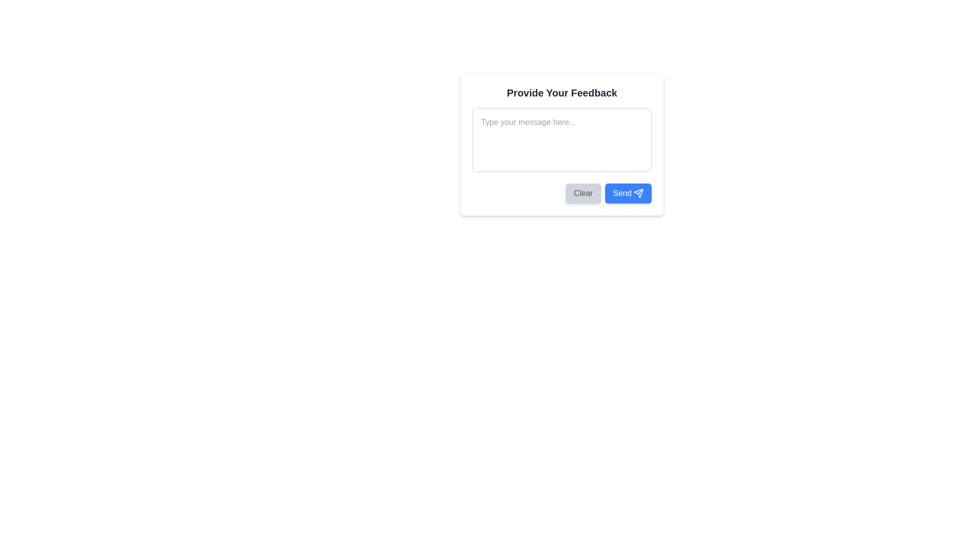 The width and height of the screenshot is (961, 540). I want to click on the decorative 'Send' icon within the 'Send' button located at the bottom-right of the feedback form, so click(638, 193).